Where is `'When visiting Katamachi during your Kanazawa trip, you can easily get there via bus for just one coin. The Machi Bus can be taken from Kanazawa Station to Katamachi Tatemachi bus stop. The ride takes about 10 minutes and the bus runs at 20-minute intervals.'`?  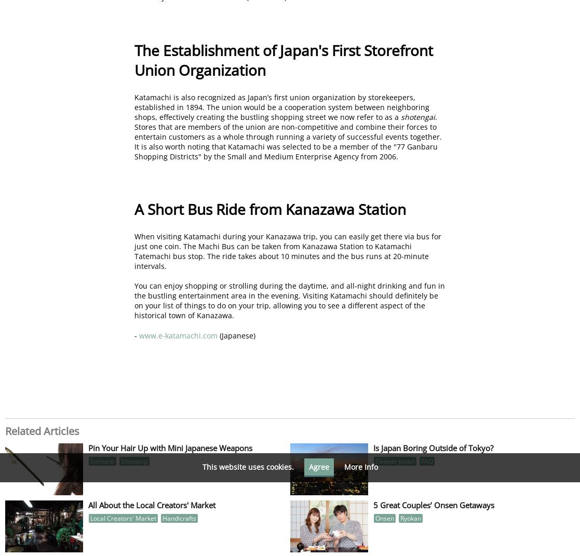
'When visiting Katamachi during your Kanazawa trip, you can easily get there via bus for just one coin. The Machi Bus can be taken from Kanazawa Station to Katamachi Tatemachi bus stop. The ride takes about 10 minutes and the bus runs at 20-minute intervals.' is located at coordinates (287, 250).